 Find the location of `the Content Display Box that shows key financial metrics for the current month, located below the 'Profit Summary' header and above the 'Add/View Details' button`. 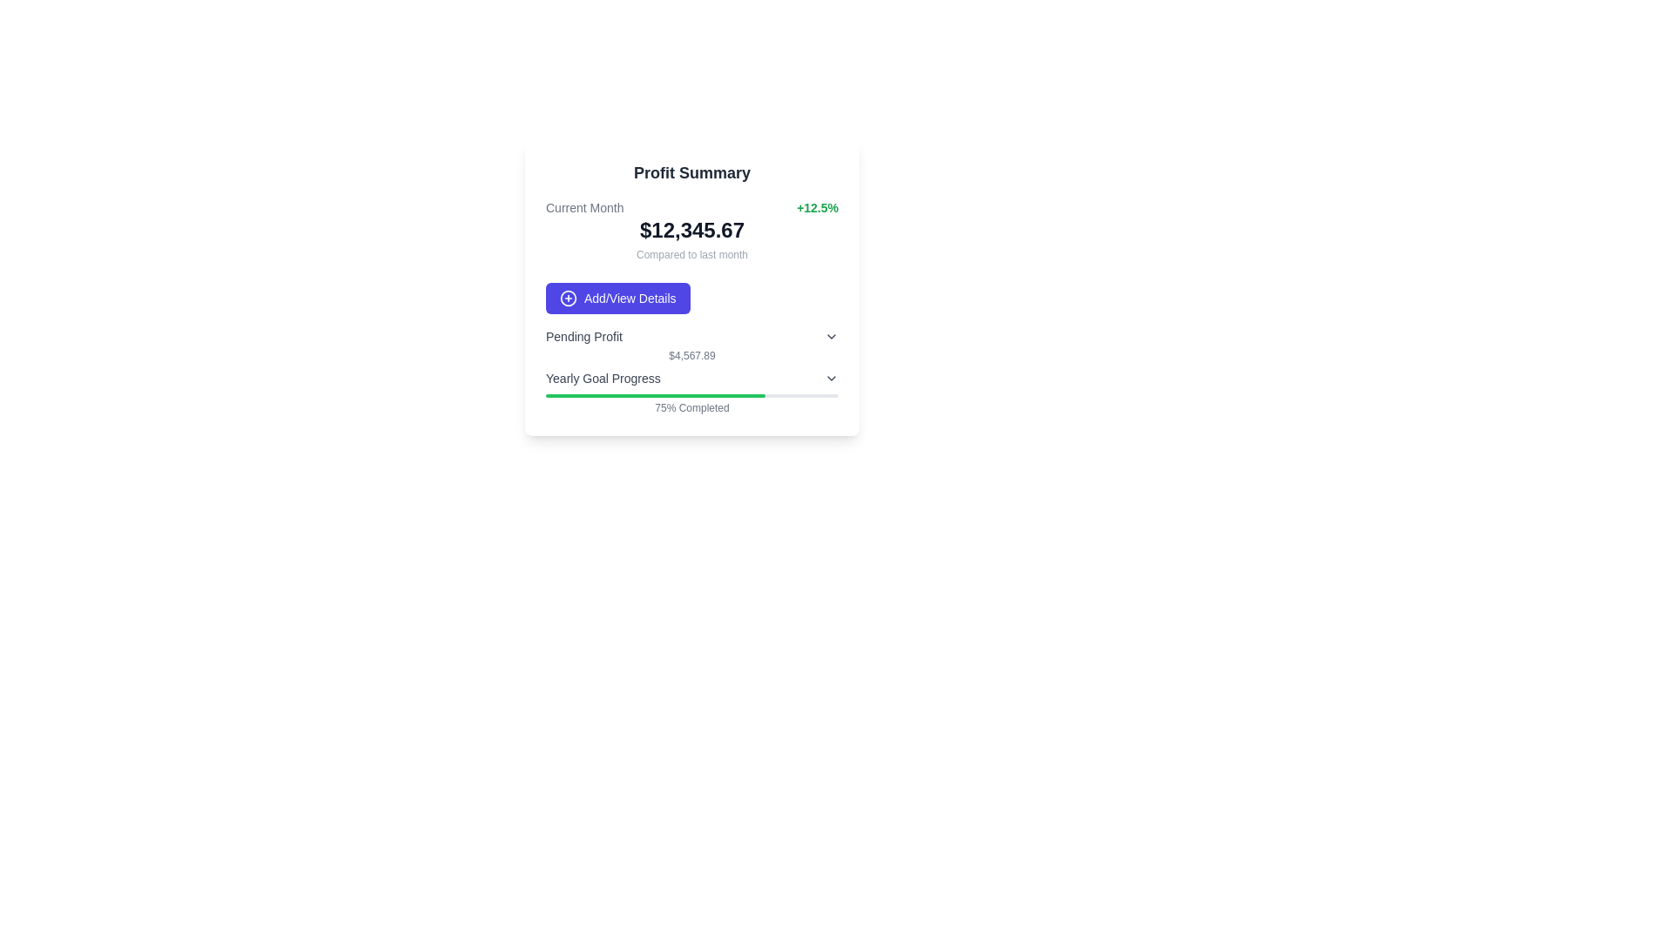

the Content Display Box that shows key financial metrics for the current month, located below the 'Profit Summary' header and above the 'Add/View Details' button is located at coordinates (691, 230).